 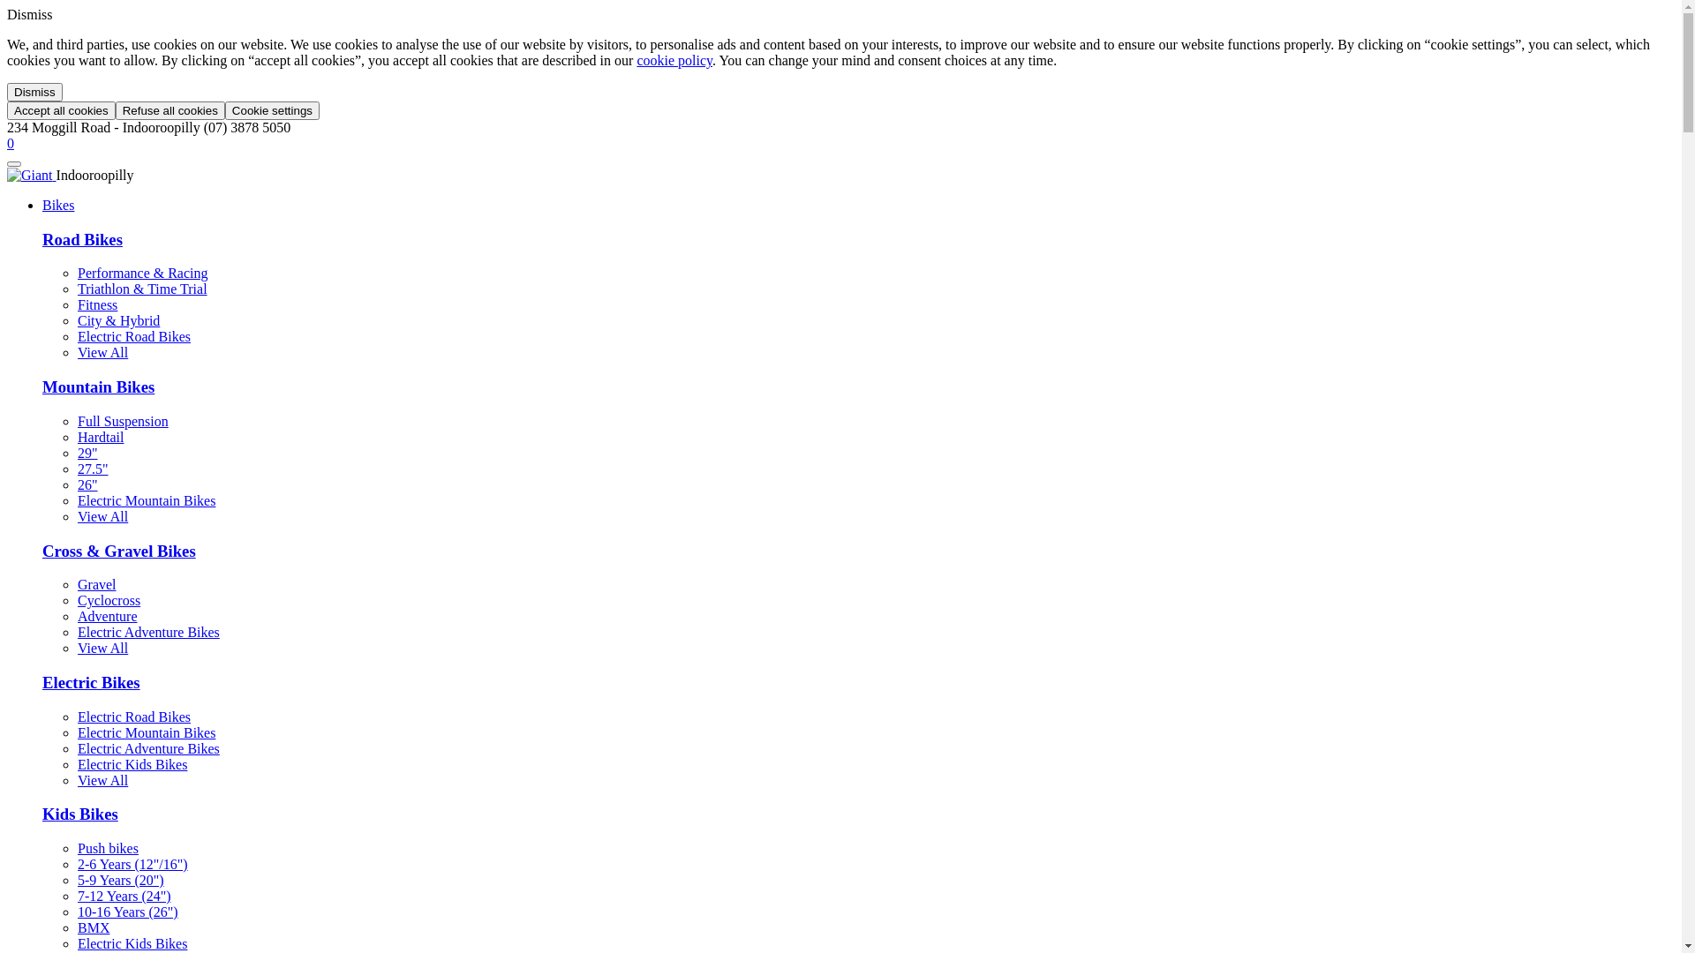 I want to click on 'Road Bikes', so click(x=81, y=239).